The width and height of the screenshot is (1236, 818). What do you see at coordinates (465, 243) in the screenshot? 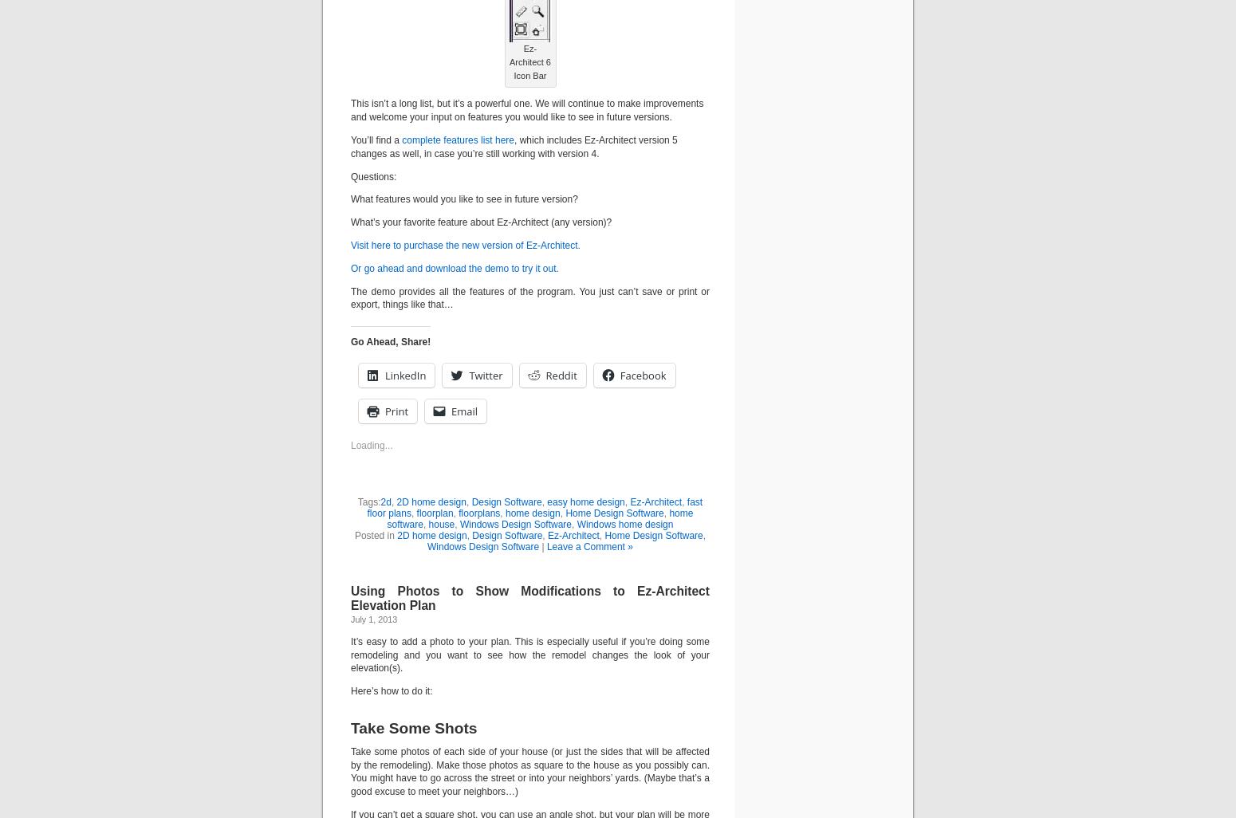
I see `'Visit here to purchase the new version of Ez-Architect.'` at bounding box center [465, 243].